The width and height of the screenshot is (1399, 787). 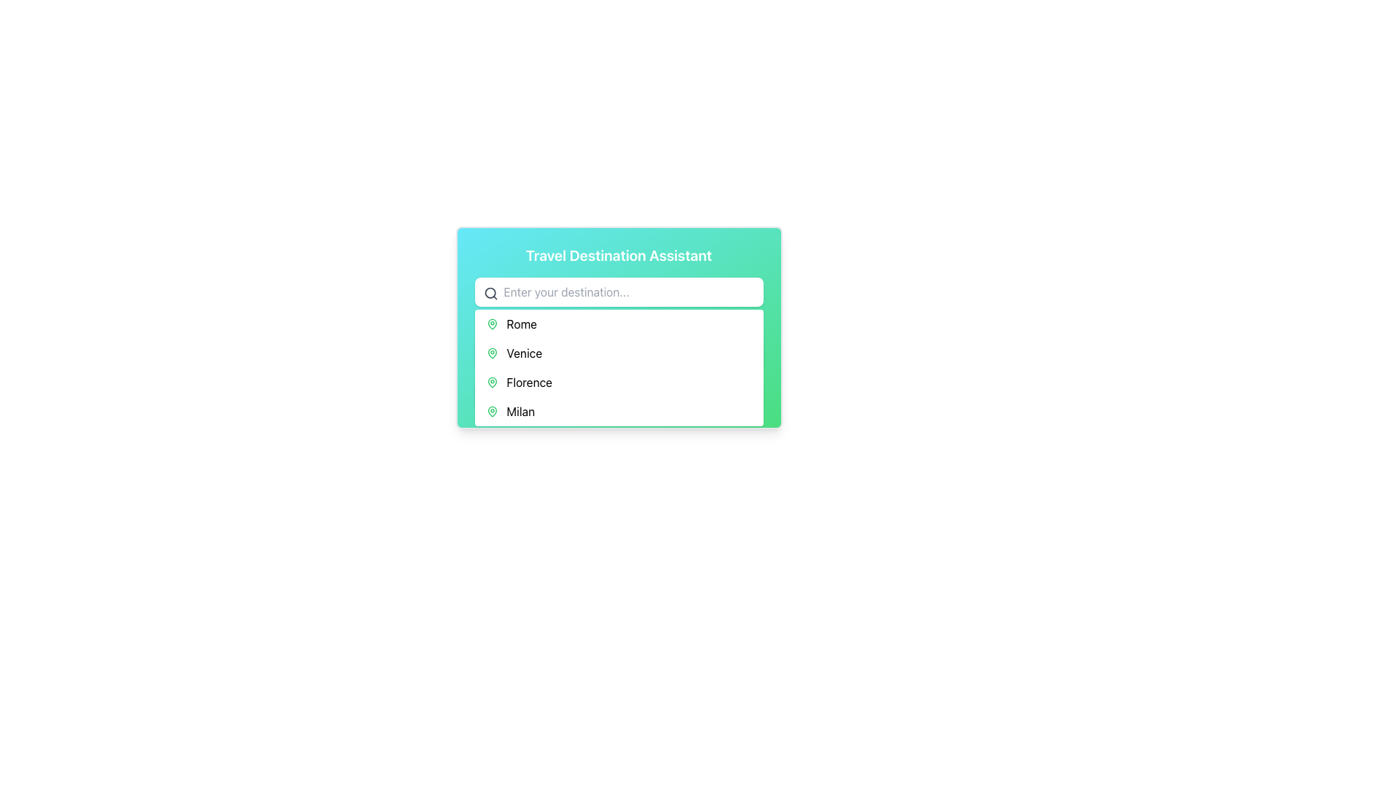 What do you see at coordinates (619, 343) in the screenshot?
I see `the 'Venice' option in the dropdown menu within the 'Travel Destination Assistant' card` at bounding box center [619, 343].